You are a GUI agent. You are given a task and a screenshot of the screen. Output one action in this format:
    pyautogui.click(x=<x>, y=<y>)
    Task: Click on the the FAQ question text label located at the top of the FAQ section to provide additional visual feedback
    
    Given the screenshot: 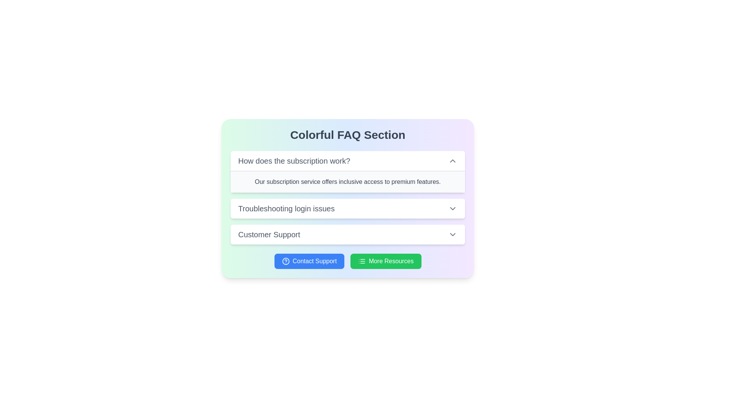 What is the action you would take?
    pyautogui.click(x=294, y=160)
    